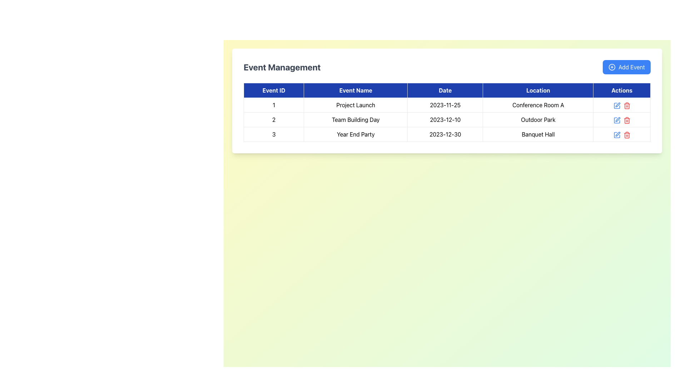 This screenshot has width=686, height=386. Describe the element at coordinates (626, 134) in the screenshot. I see `the delete icon button located in the 'Actions' column of the last row under 'Event Management'` at that location.